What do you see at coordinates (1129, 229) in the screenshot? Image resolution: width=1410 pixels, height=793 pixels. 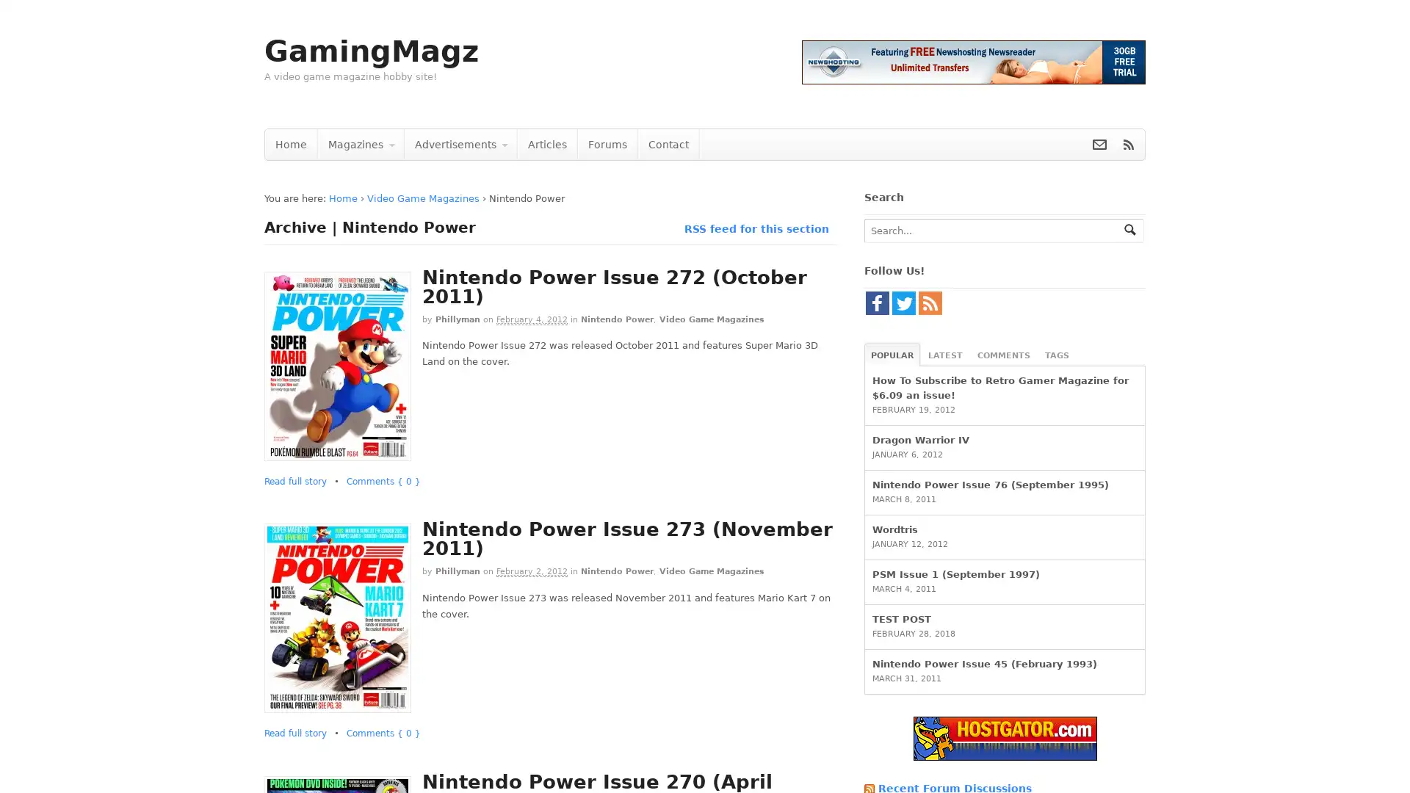 I see `Search` at bounding box center [1129, 229].